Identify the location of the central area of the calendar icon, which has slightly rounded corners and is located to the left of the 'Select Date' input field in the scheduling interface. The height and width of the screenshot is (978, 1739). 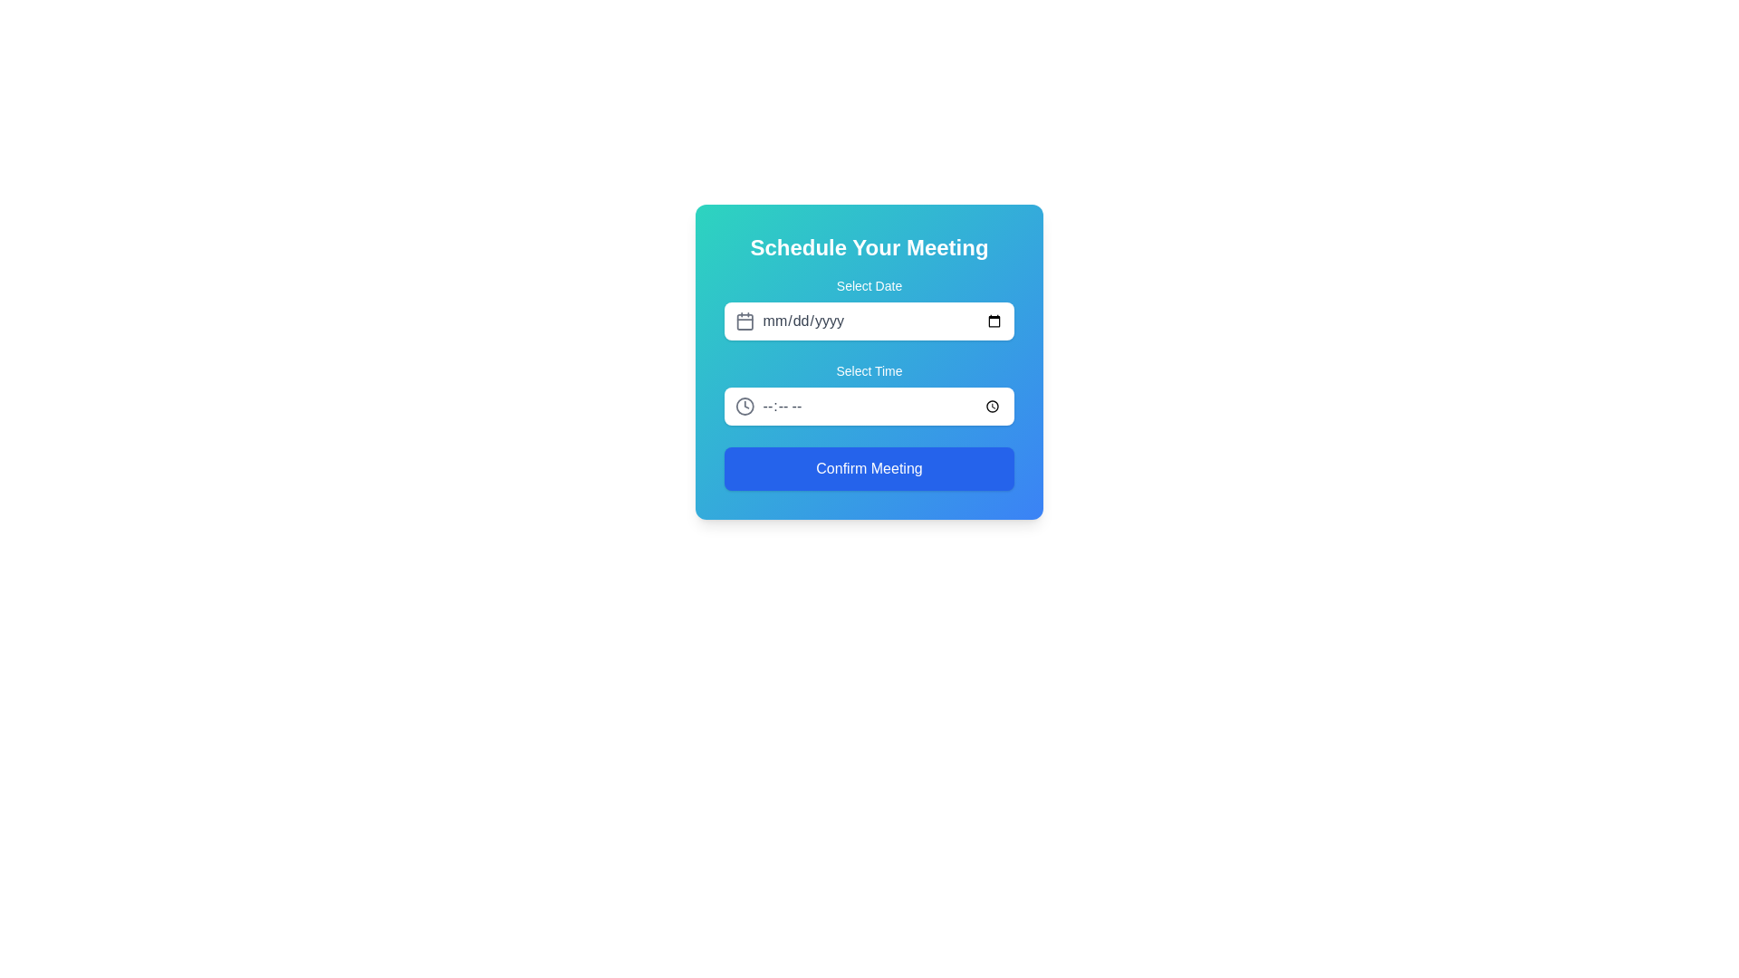
(745, 321).